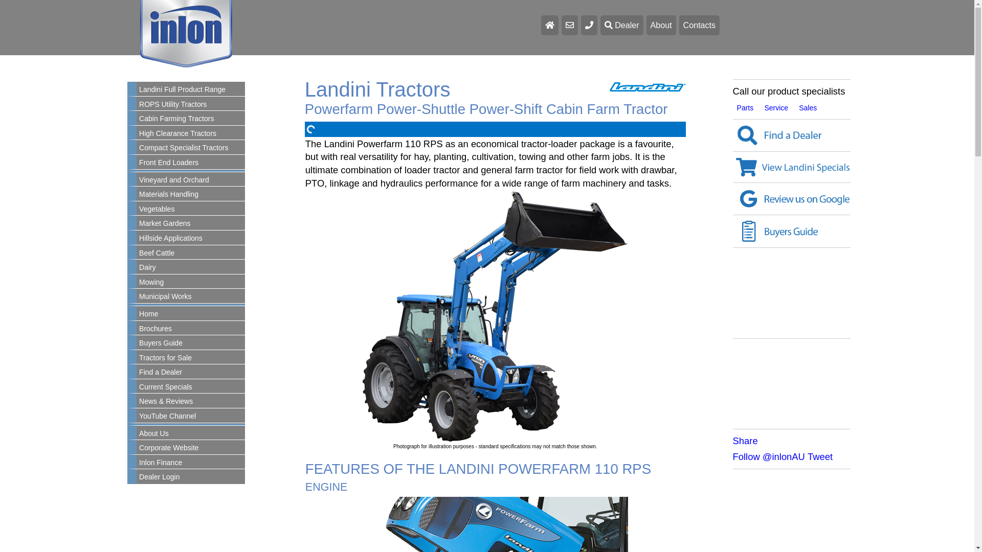 The height and width of the screenshot is (552, 982). I want to click on 'Buyers Guide', so click(191, 343).